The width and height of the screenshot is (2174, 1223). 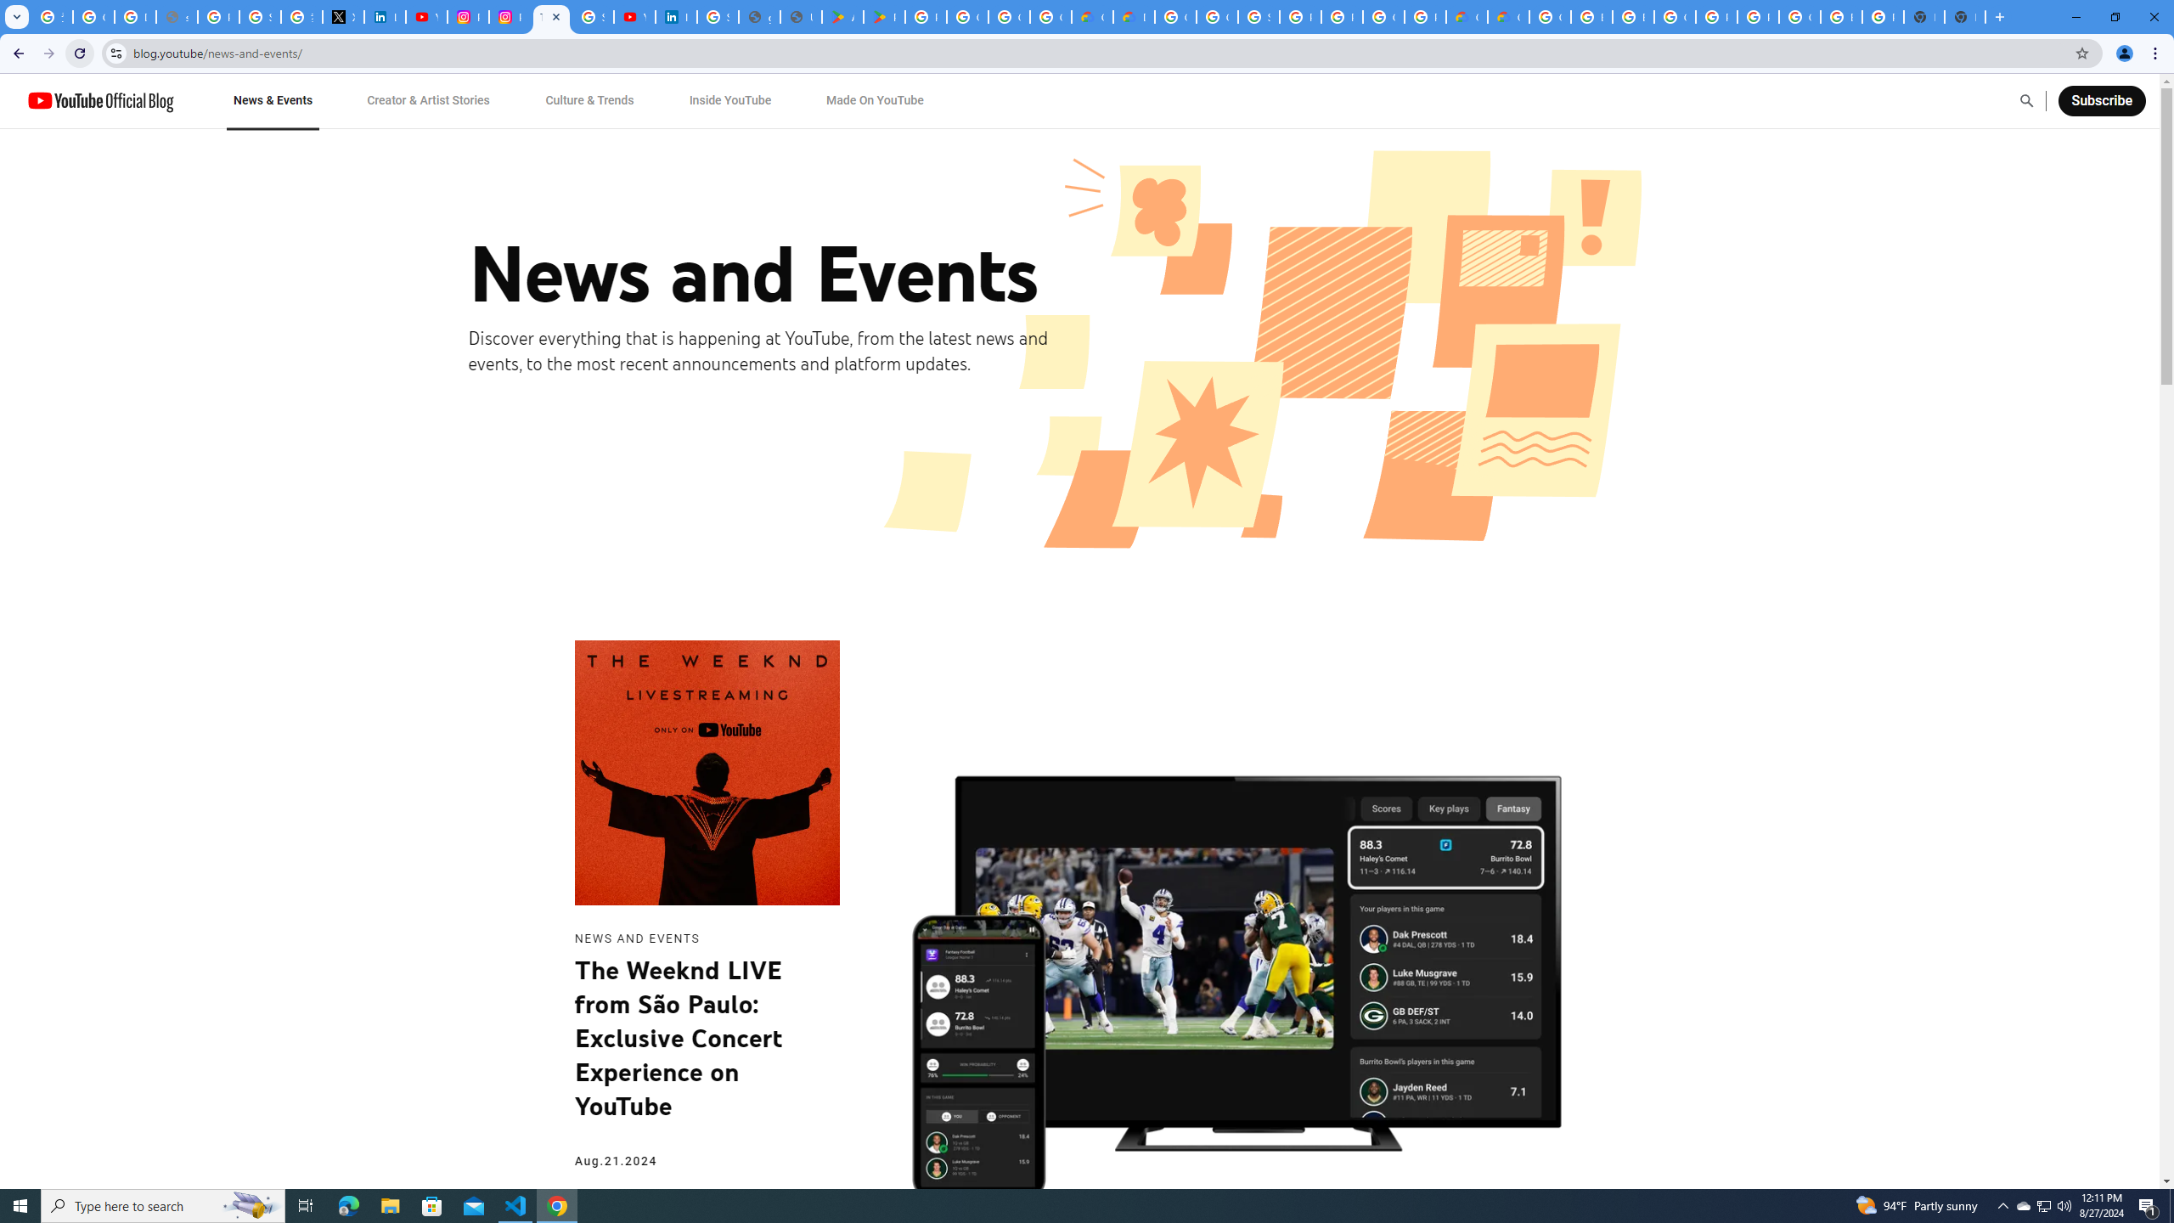 I want to click on 'News & Events', so click(x=273, y=100).